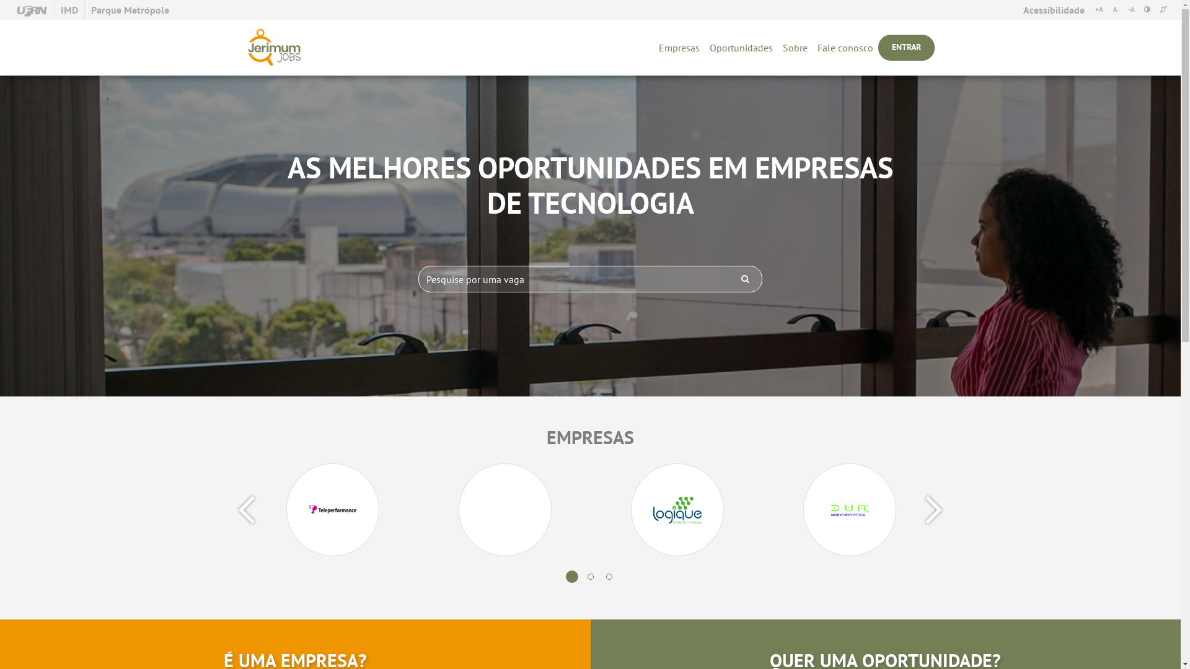 The width and height of the screenshot is (1190, 669). Describe the element at coordinates (844, 47) in the screenshot. I see `'Fale conosco'` at that location.